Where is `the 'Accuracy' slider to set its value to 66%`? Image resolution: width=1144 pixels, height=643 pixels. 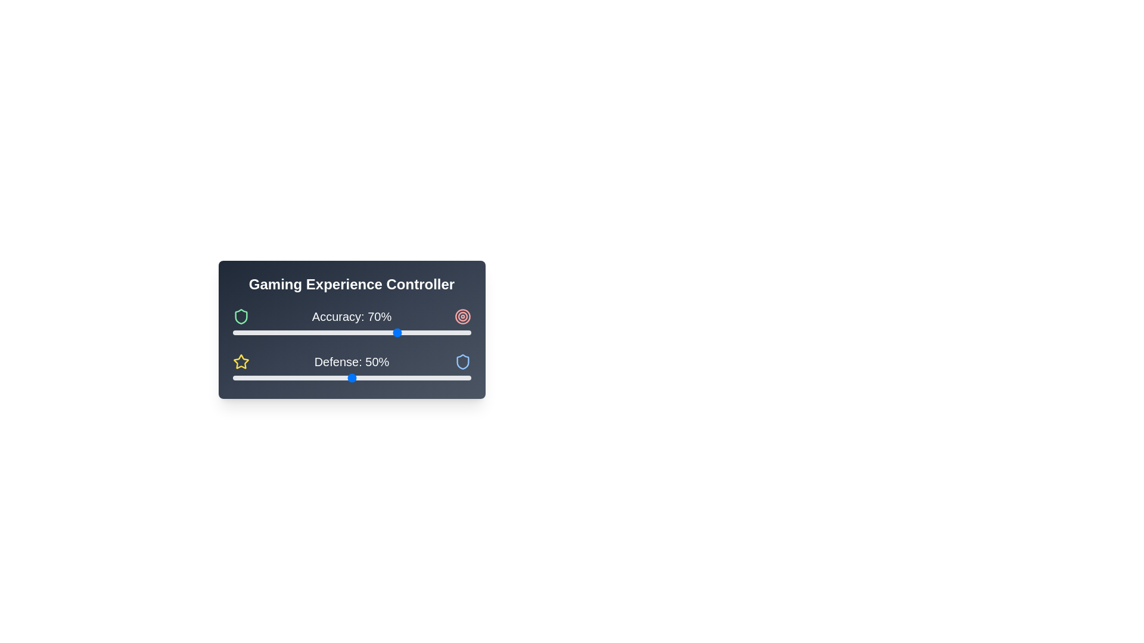 the 'Accuracy' slider to set its value to 66% is located at coordinates (390, 333).